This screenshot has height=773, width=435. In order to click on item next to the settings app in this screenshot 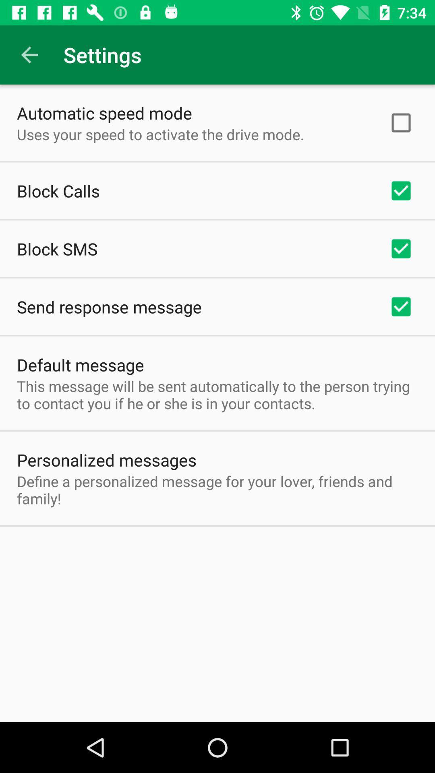, I will do `click(29, 54)`.